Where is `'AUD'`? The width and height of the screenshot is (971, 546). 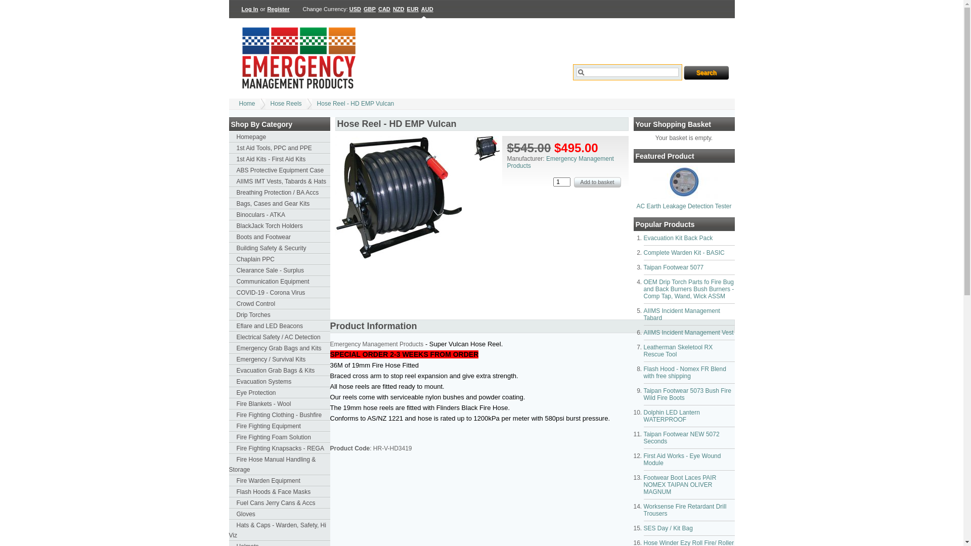
'AUD' is located at coordinates (427, 9).